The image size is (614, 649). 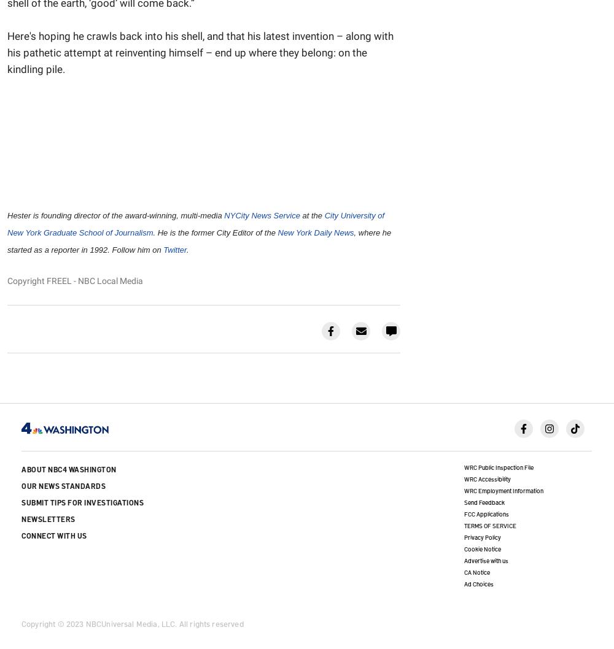 What do you see at coordinates (478, 583) in the screenshot?
I see `'Ad Choices'` at bounding box center [478, 583].